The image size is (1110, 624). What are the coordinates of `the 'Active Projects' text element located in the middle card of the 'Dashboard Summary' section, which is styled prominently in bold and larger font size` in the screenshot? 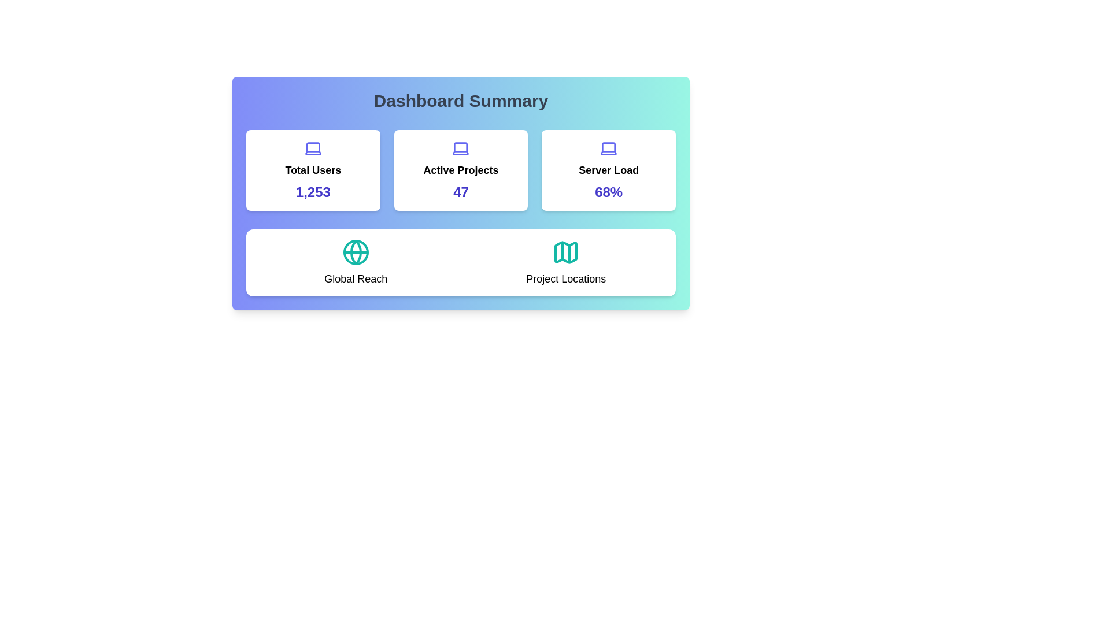 It's located at (460, 170).